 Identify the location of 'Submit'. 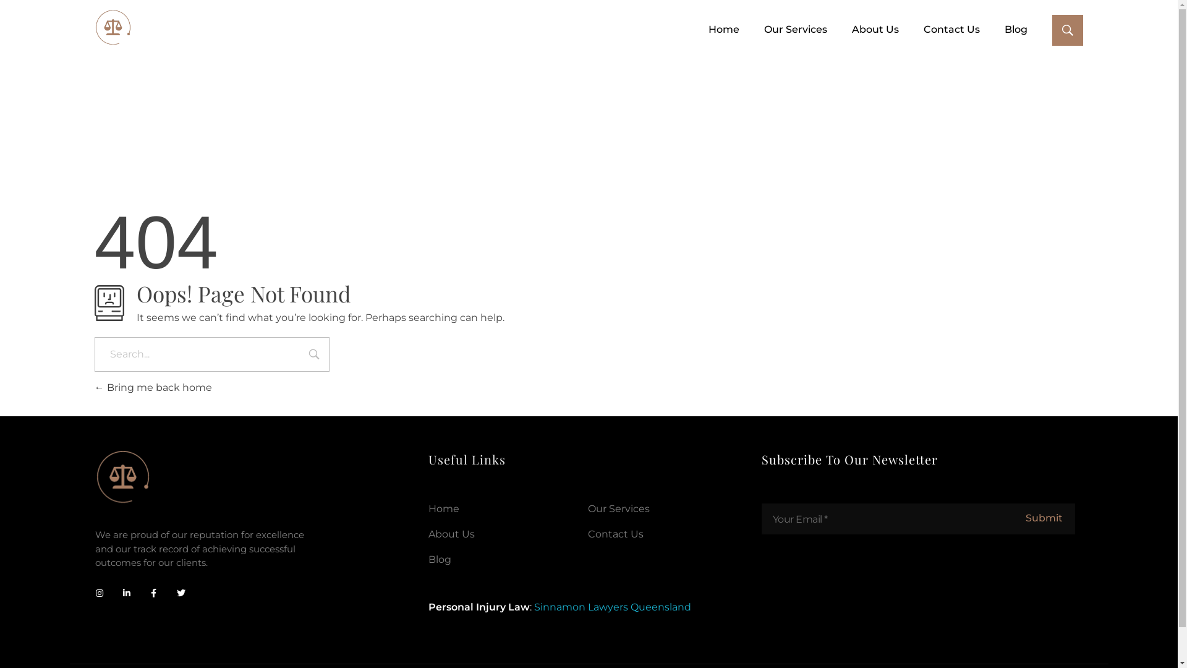
(1043, 518).